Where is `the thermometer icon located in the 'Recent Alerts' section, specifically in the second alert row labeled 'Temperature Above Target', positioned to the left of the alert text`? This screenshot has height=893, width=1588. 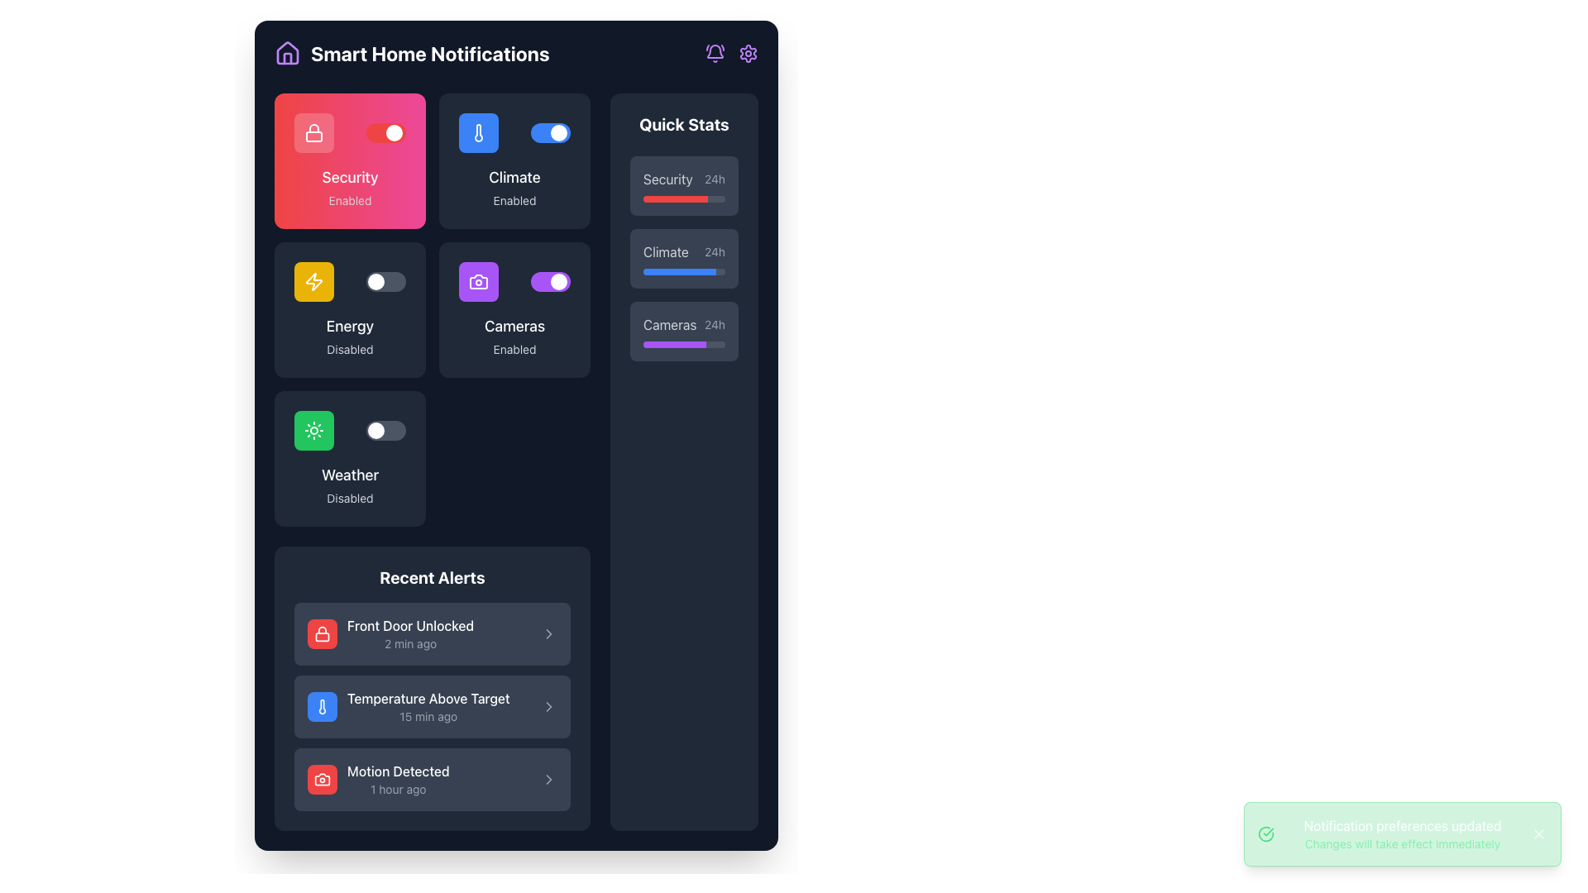
the thermometer icon located in the 'Recent Alerts' section, specifically in the second alert row labeled 'Temperature Above Target', positioned to the left of the alert text is located at coordinates (322, 707).